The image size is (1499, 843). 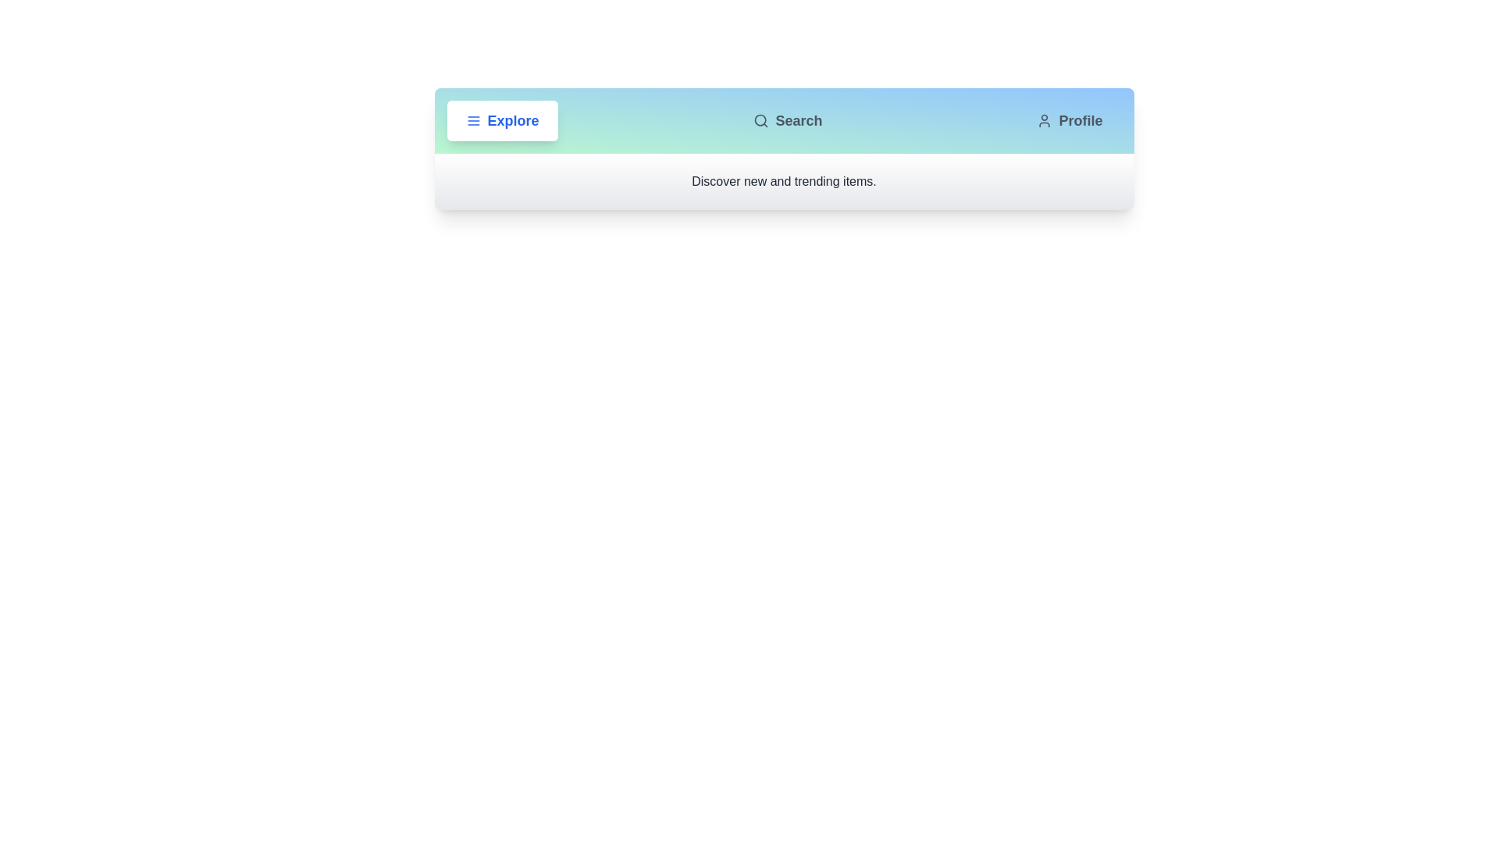 What do you see at coordinates (502, 119) in the screenshot?
I see `the tab Explore by clicking on its button` at bounding box center [502, 119].